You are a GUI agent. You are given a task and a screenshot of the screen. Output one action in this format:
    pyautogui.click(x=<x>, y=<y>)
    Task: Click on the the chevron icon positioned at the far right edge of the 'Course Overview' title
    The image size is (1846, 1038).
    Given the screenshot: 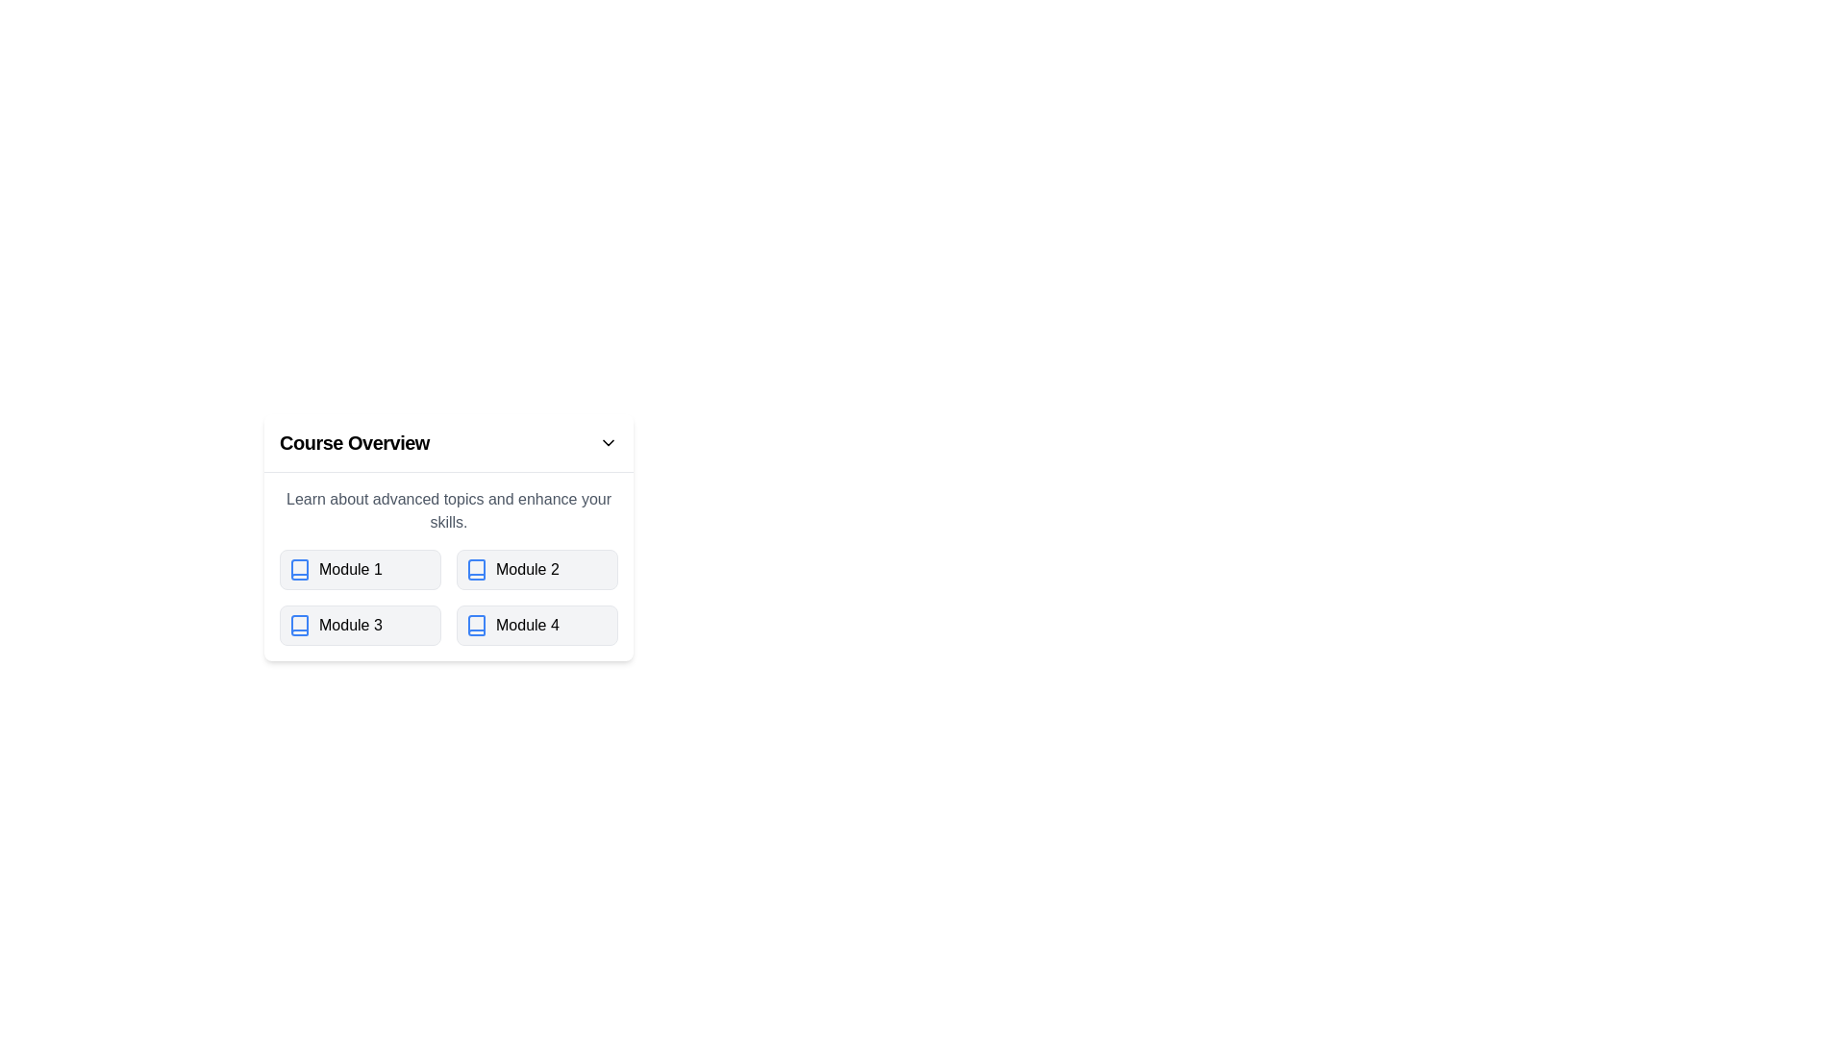 What is the action you would take?
    pyautogui.click(x=608, y=443)
    